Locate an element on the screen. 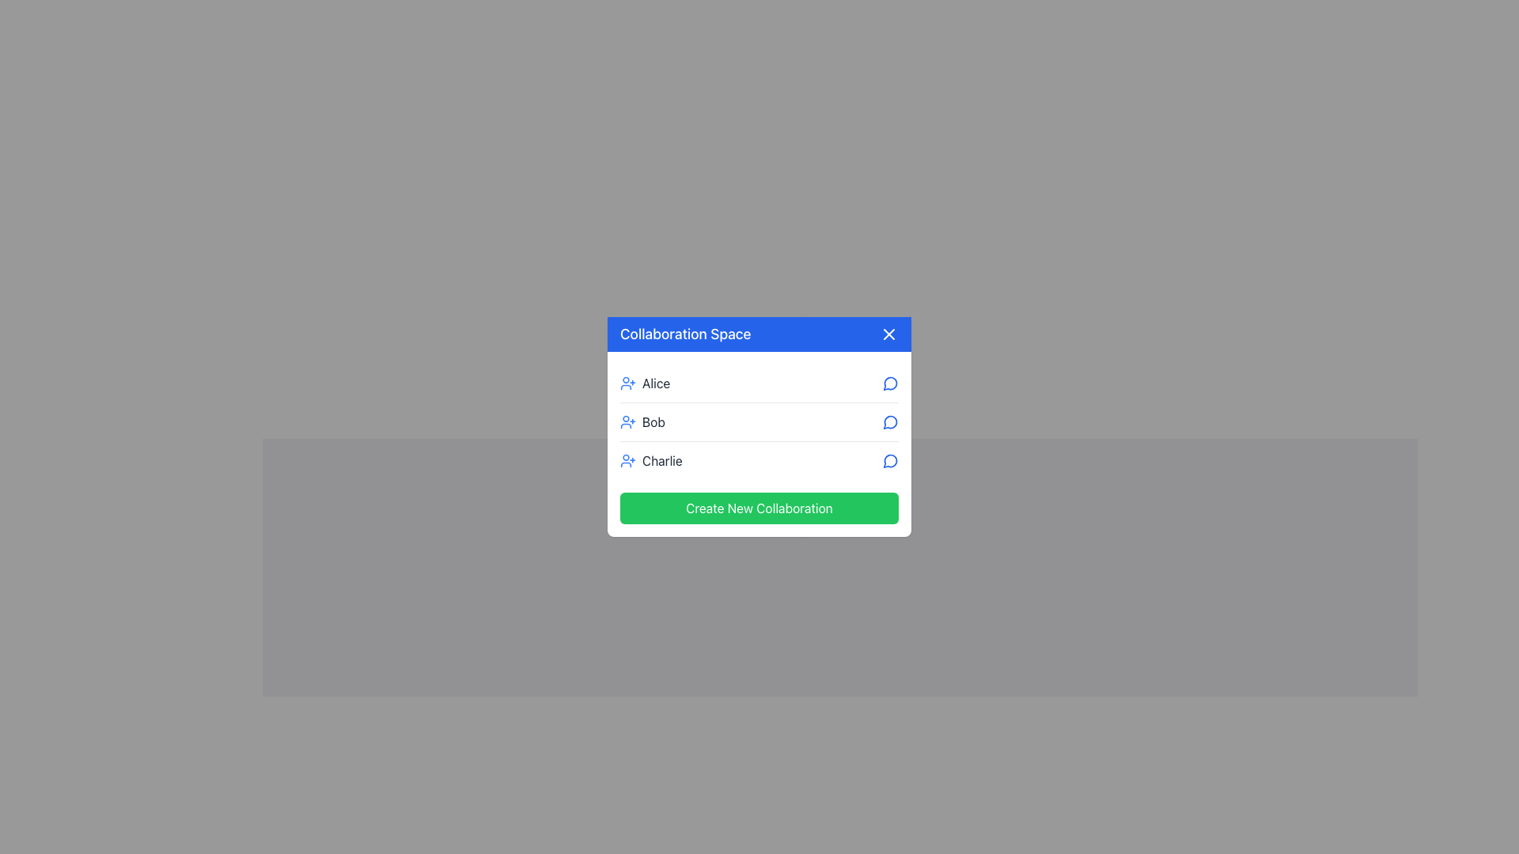  the label identifying the user named 'Bob' in the collaboration space, which is the second item in a vertically aligned list within a modal dialog is located at coordinates (642, 421).